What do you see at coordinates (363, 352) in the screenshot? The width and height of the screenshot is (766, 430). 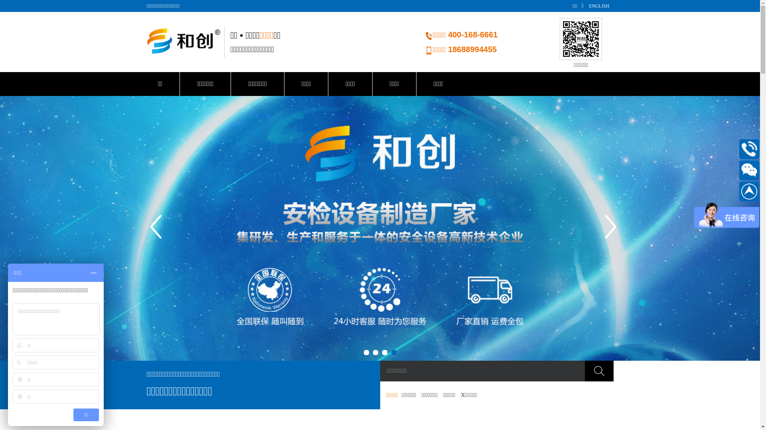 I see `'1'` at bounding box center [363, 352].